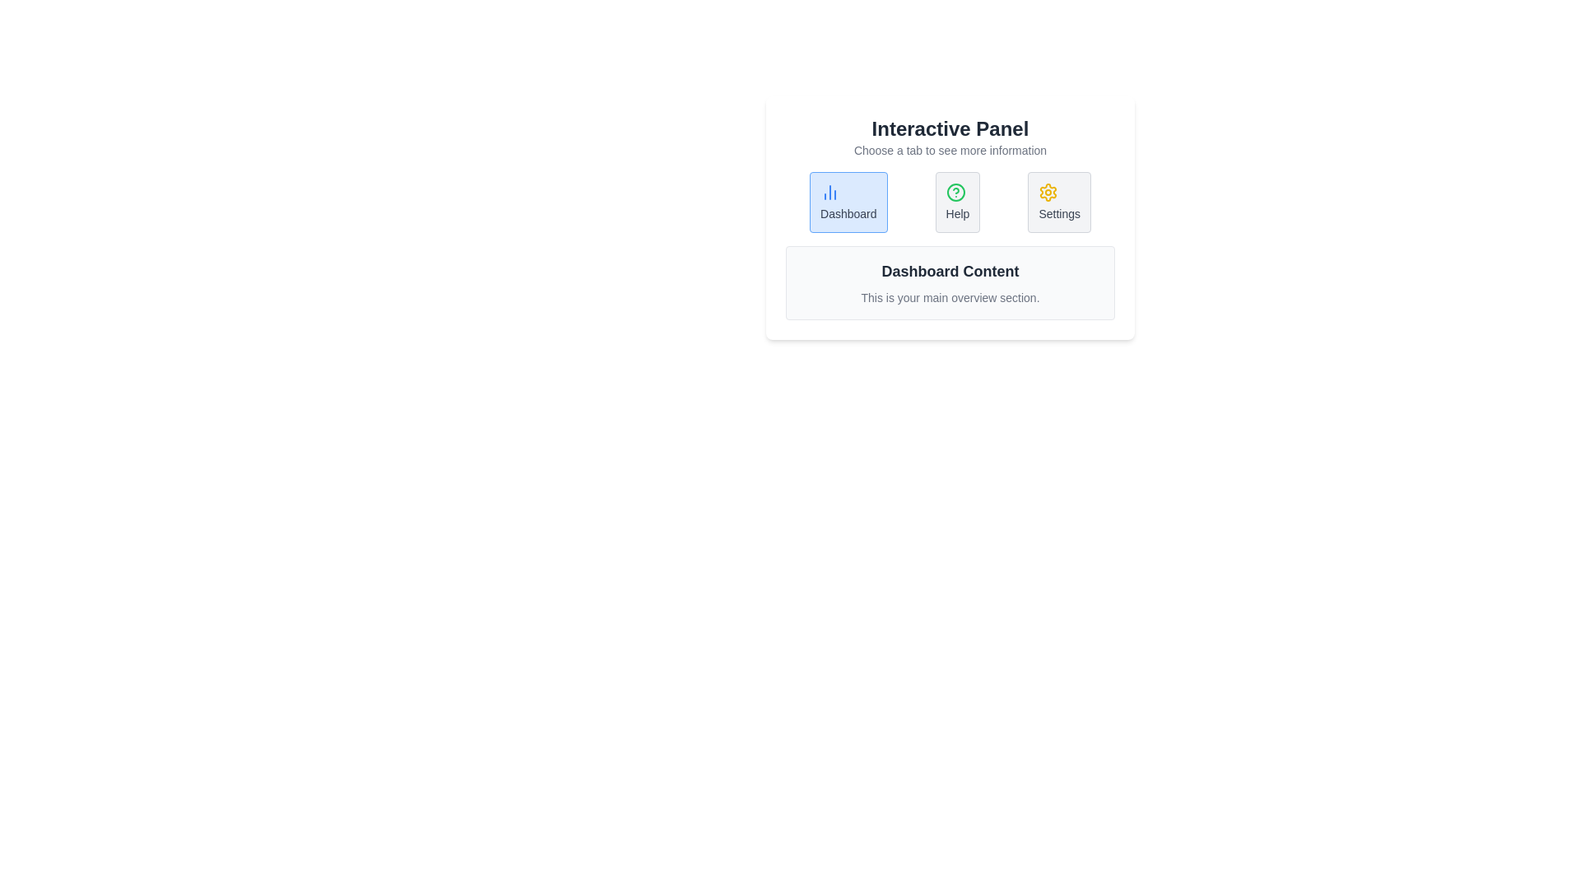  What do you see at coordinates (848, 212) in the screenshot?
I see `text of the 'Dashboard' label located inside the first button of a row of three options, which is below the 'Interactive Panel' heading in the center of the interface` at bounding box center [848, 212].